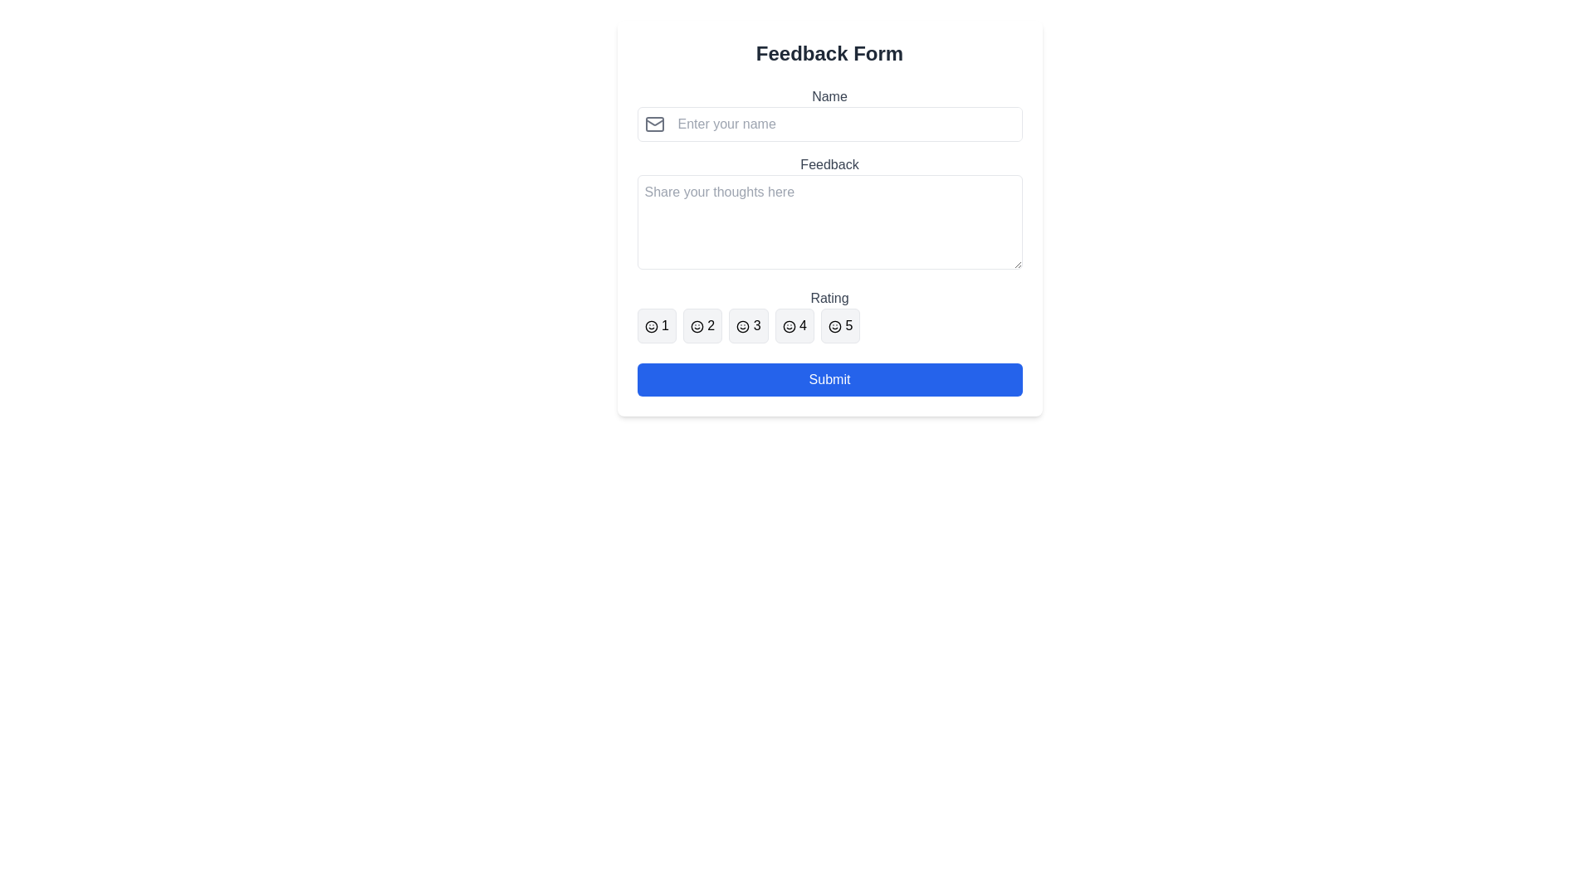  What do you see at coordinates (697, 326) in the screenshot?
I see `the decorative circle of the second smiley icon in a row of five smiley icons representing rating options` at bounding box center [697, 326].